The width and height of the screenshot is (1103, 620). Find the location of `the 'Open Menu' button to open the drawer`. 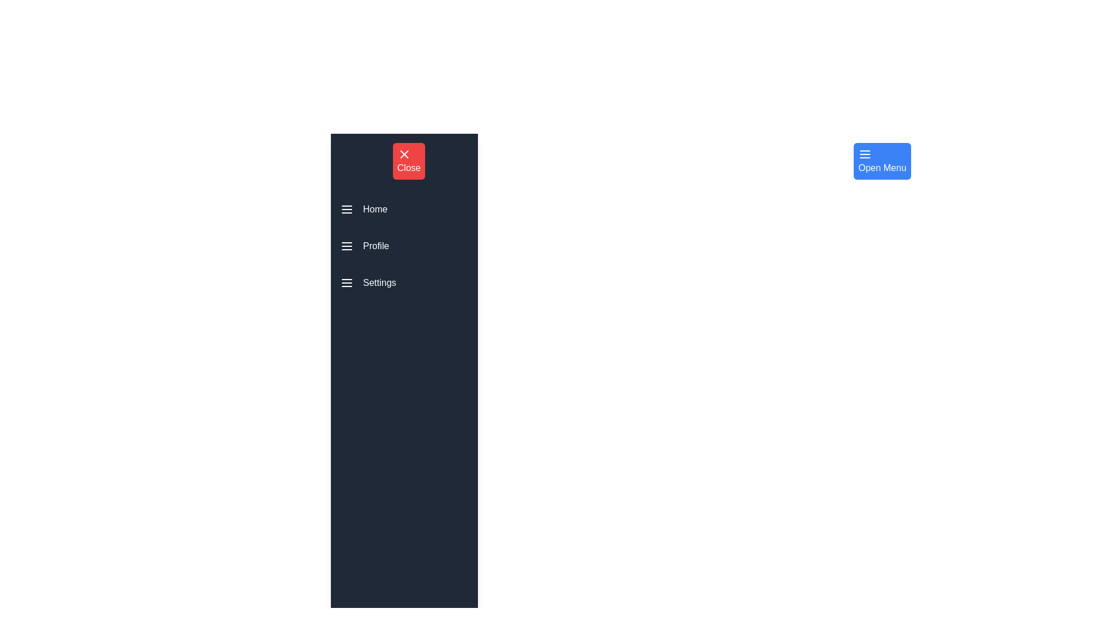

the 'Open Menu' button to open the drawer is located at coordinates (882, 161).